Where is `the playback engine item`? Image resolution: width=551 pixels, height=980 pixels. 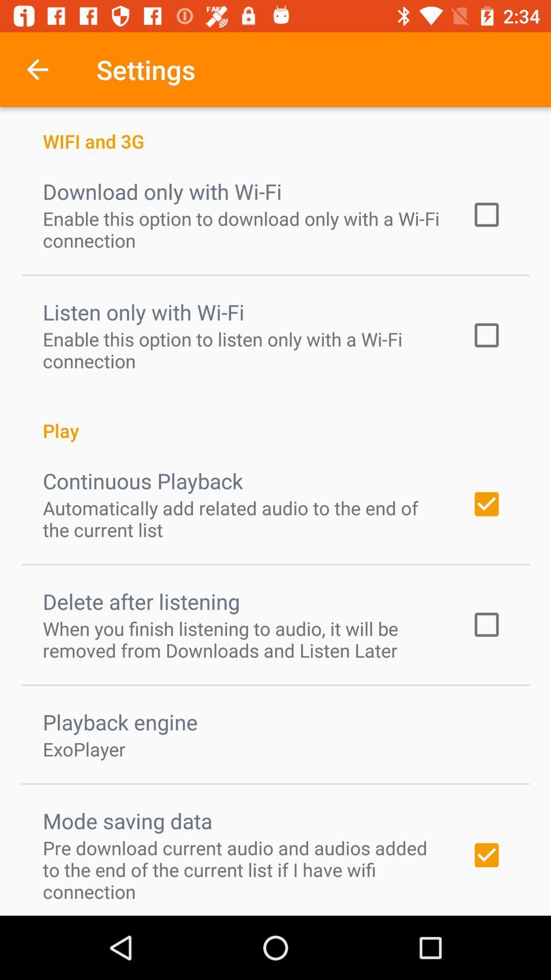
the playback engine item is located at coordinates (119, 721).